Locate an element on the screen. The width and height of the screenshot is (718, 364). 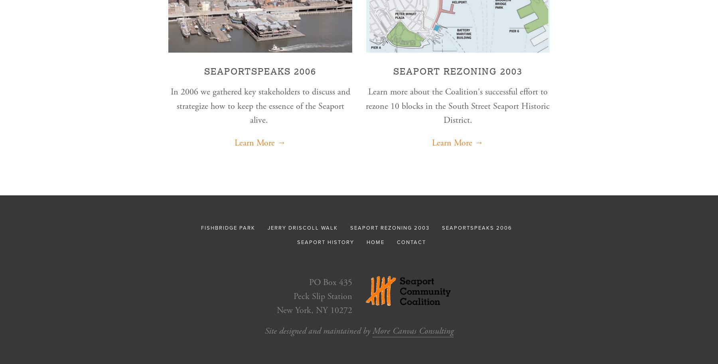
'Seaport History' is located at coordinates (325, 242).